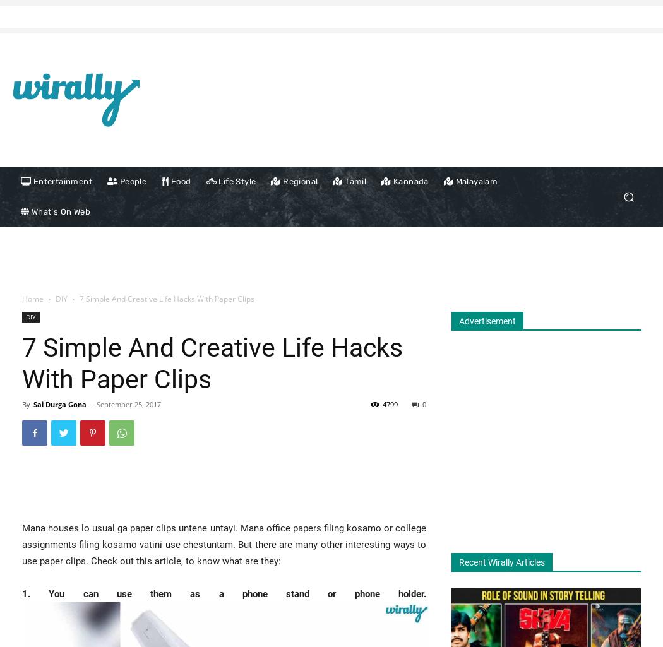 This screenshot has width=663, height=647. What do you see at coordinates (128, 403) in the screenshot?
I see `'September 25, 2017'` at bounding box center [128, 403].